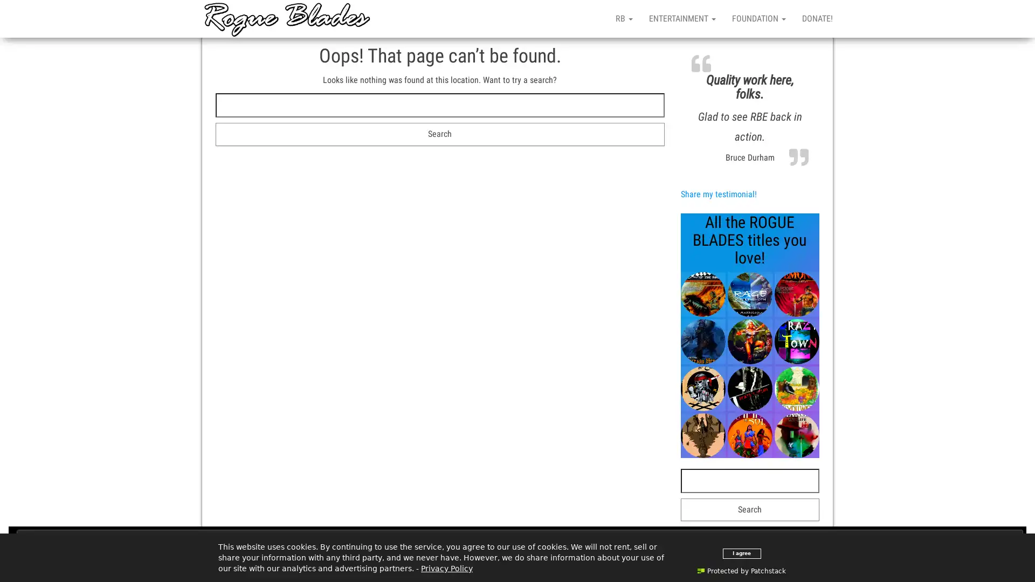 The width and height of the screenshot is (1035, 582). What do you see at coordinates (520, 540) in the screenshot?
I see `Close and accept` at bounding box center [520, 540].